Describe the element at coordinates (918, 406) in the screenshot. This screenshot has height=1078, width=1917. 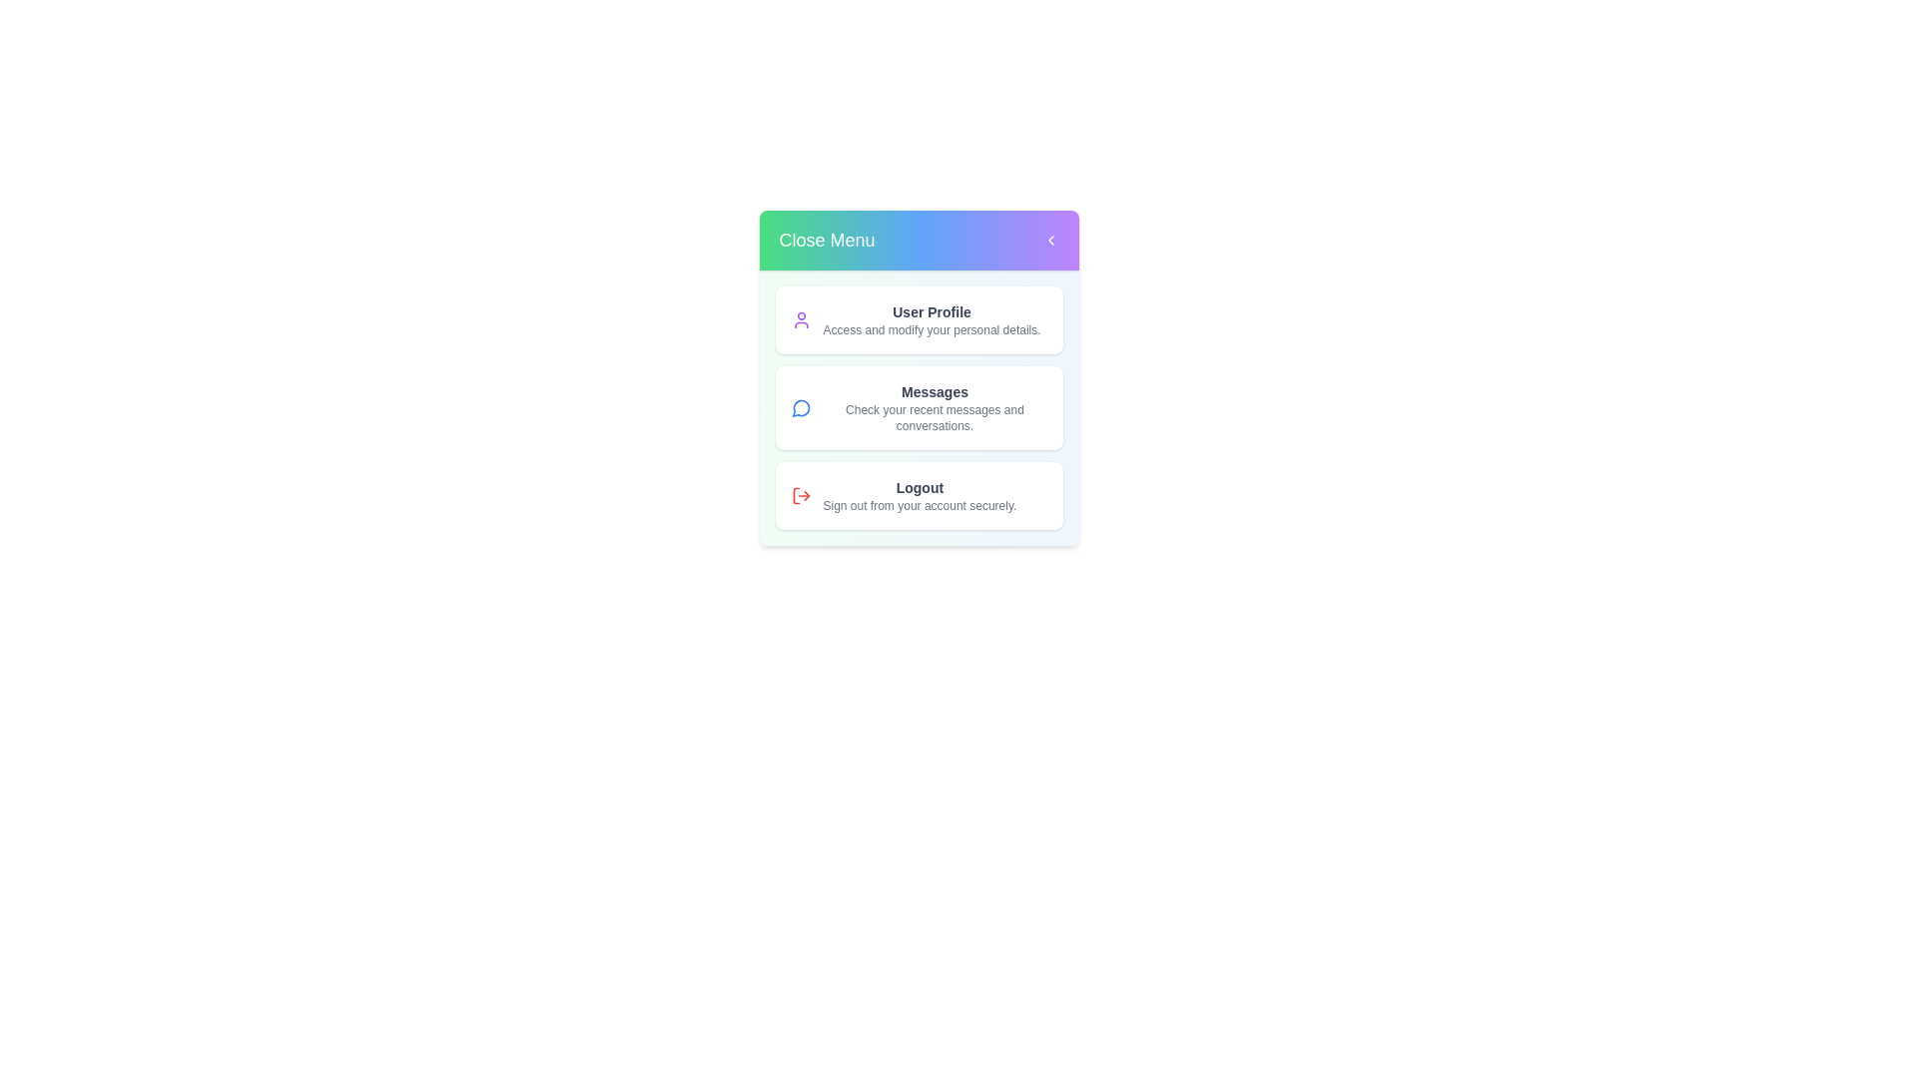
I see `the menu item labeled 'Messages' to read its details` at that location.